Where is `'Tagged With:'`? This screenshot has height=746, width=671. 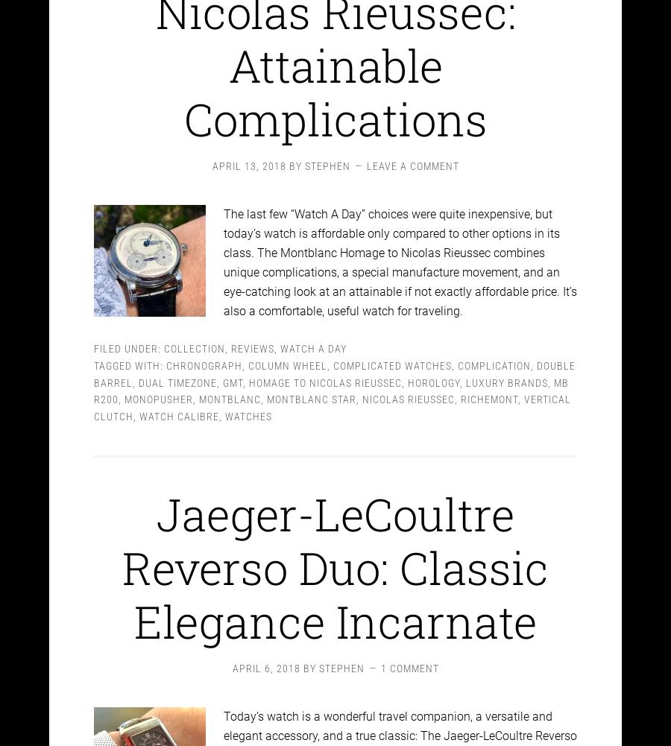
'Tagged With:' is located at coordinates (130, 352).